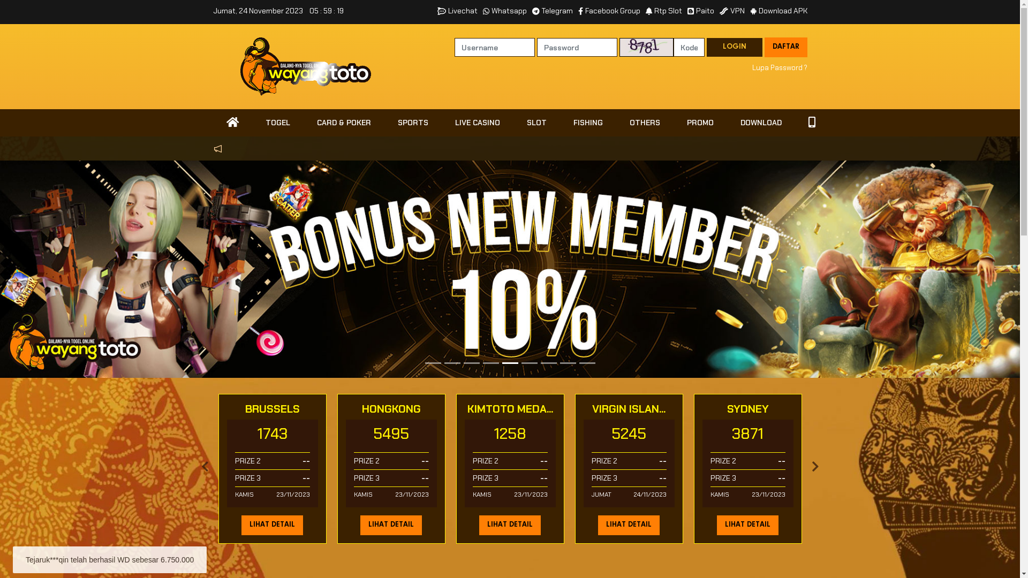 The width and height of the screenshot is (1028, 578). I want to click on 'Livechat', so click(437, 11).